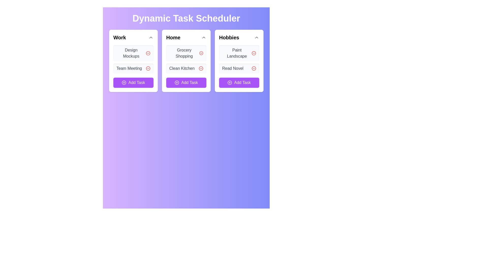 The width and height of the screenshot is (488, 274). Describe the element at coordinates (124, 82) in the screenshot. I see `the decorative icon (SVG) located to the left of the 'Add Task' button in the bottom section of the 'Work' column` at that location.